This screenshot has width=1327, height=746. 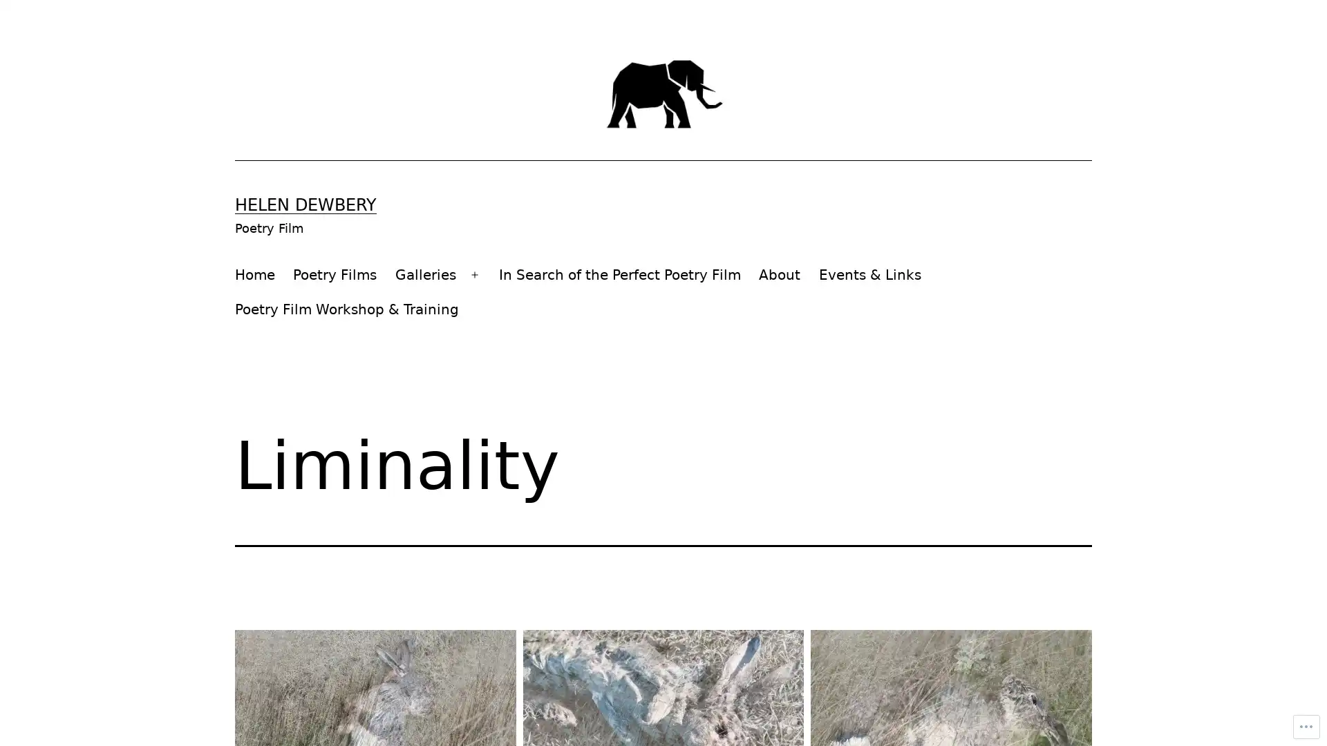 What do you see at coordinates (474, 274) in the screenshot?
I see `Open menu` at bounding box center [474, 274].